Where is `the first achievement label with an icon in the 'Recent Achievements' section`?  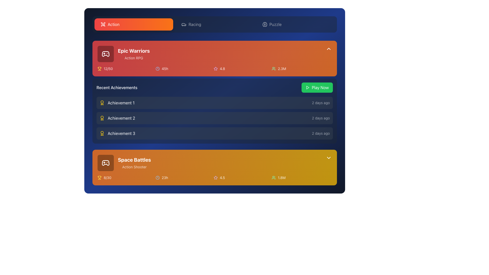
the first achievement label with an icon in the 'Recent Achievements' section is located at coordinates (117, 103).